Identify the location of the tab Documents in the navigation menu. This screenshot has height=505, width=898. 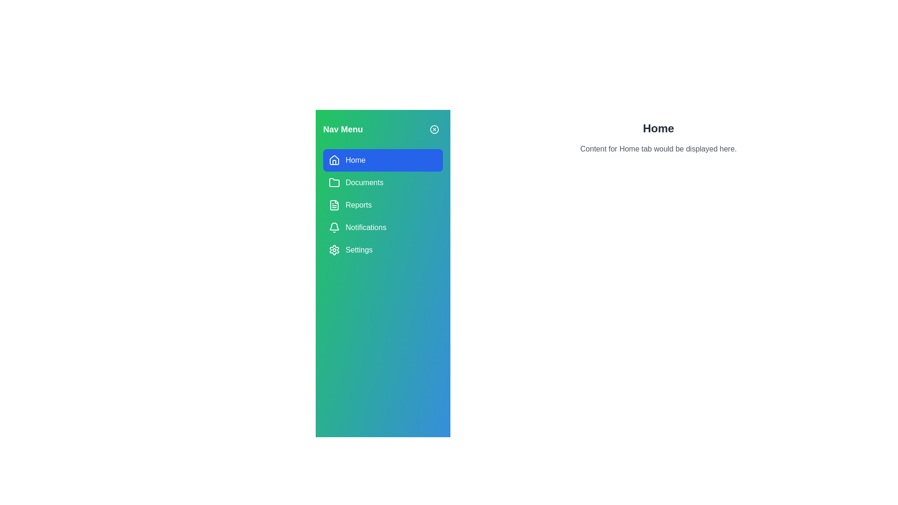
(383, 182).